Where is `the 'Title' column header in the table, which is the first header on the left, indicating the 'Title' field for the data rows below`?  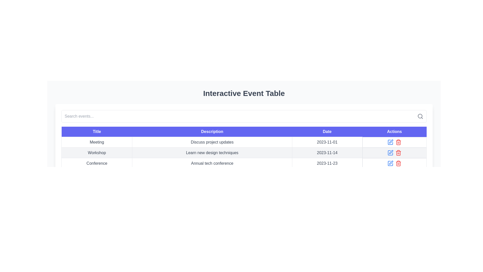
the 'Title' column header in the table, which is the first header on the left, indicating the 'Title' field for the data rows below is located at coordinates (97, 131).